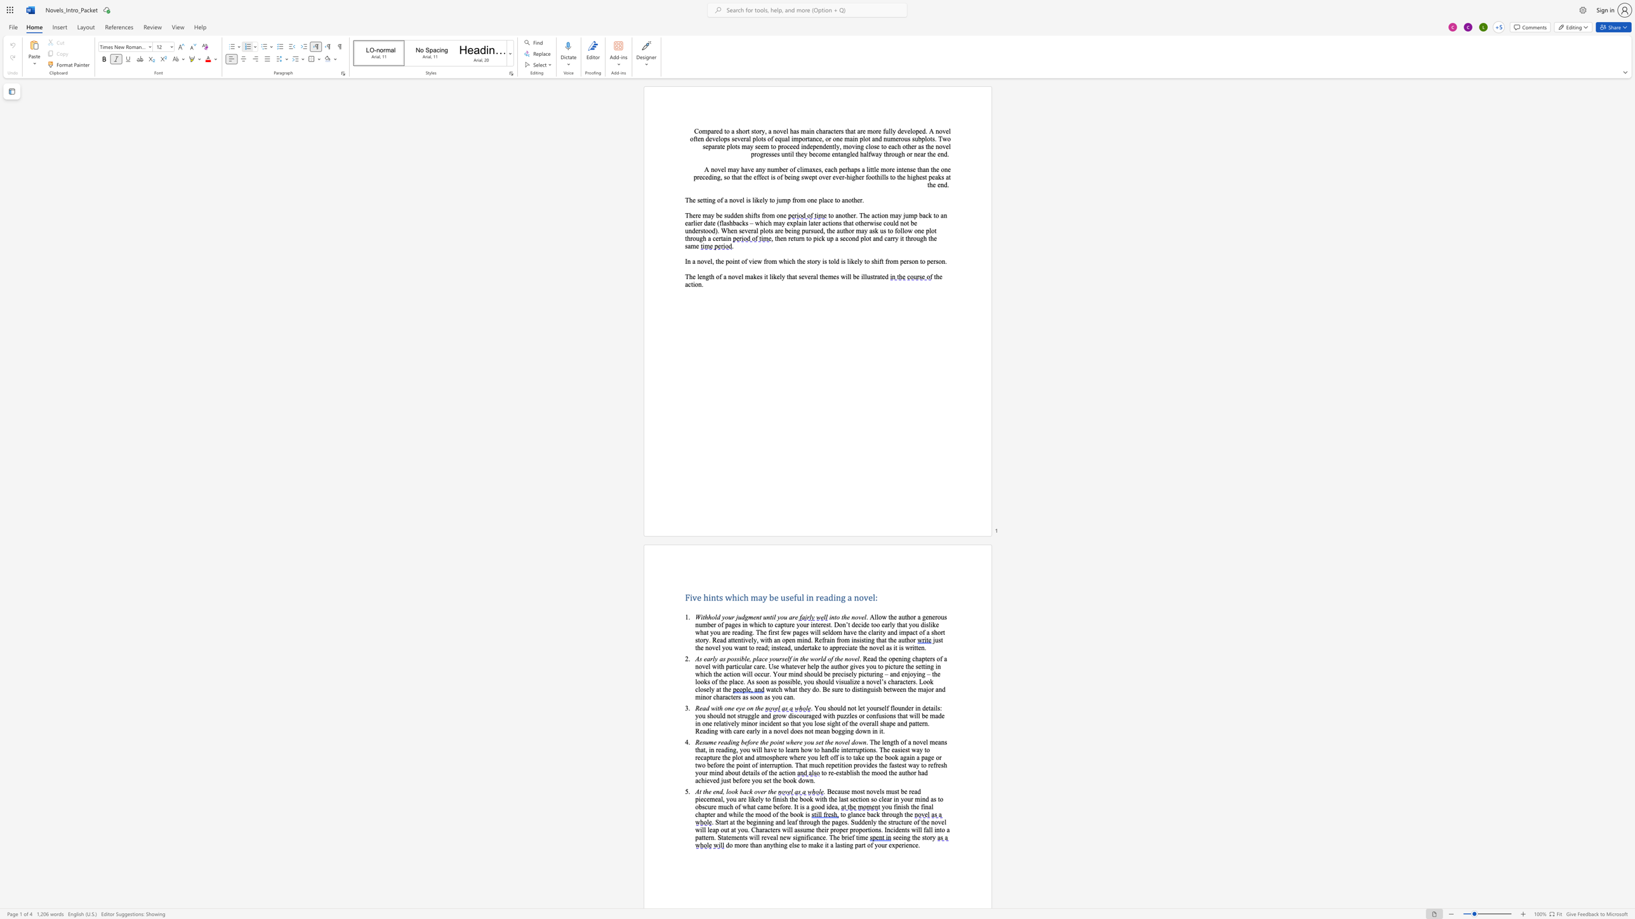 This screenshot has width=1635, height=919. I want to click on the 3th character "e" in the text, so click(878, 792).